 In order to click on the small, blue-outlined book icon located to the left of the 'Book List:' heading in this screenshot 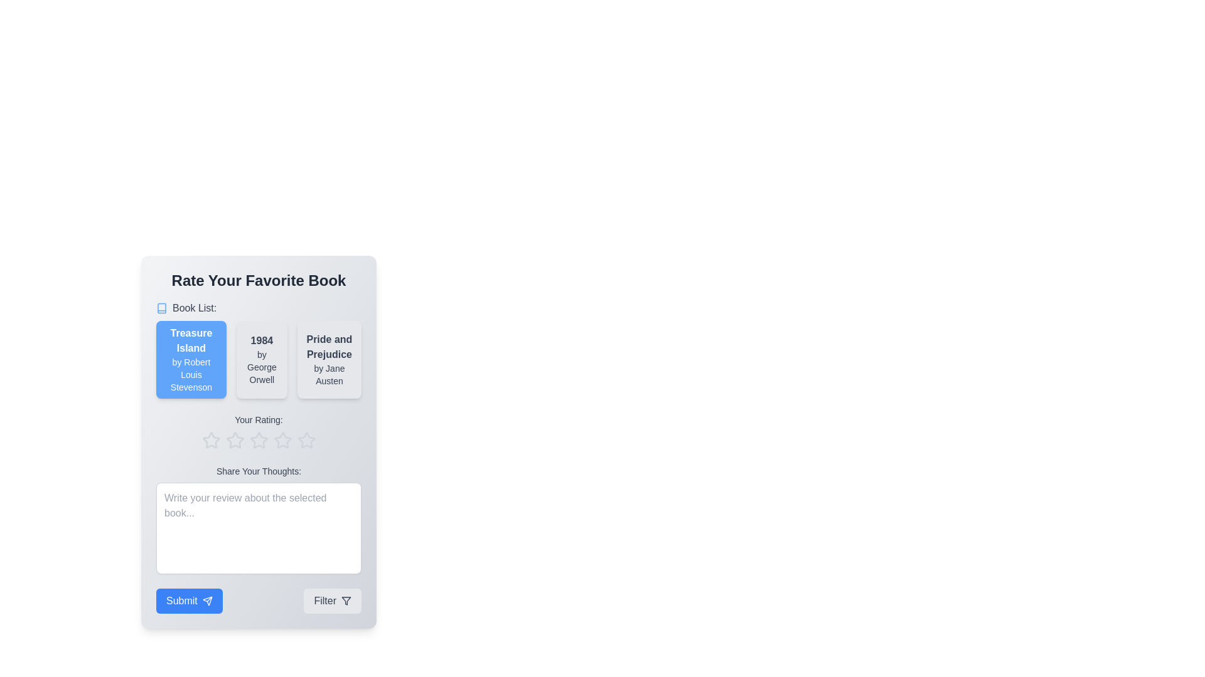, I will do `click(161, 308)`.